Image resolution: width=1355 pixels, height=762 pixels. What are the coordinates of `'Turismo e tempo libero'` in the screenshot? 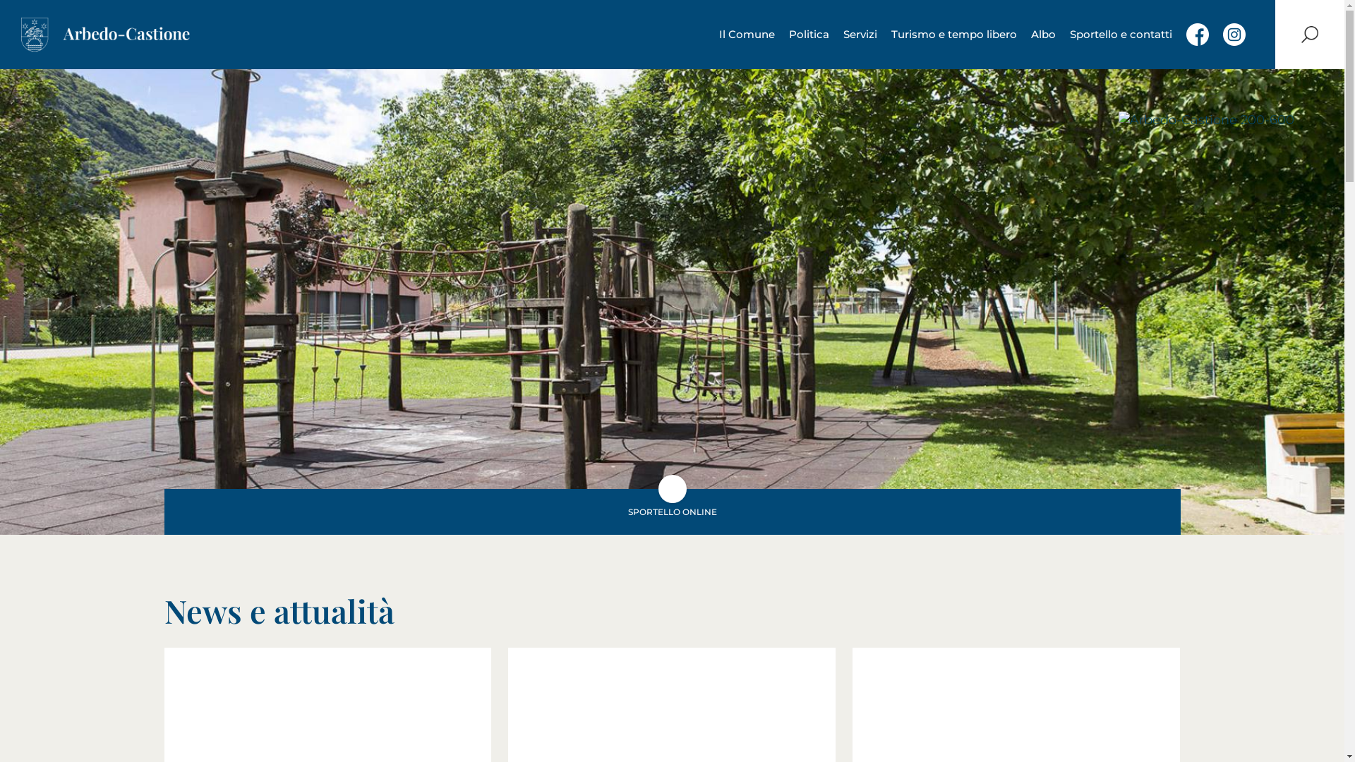 It's located at (954, 34).